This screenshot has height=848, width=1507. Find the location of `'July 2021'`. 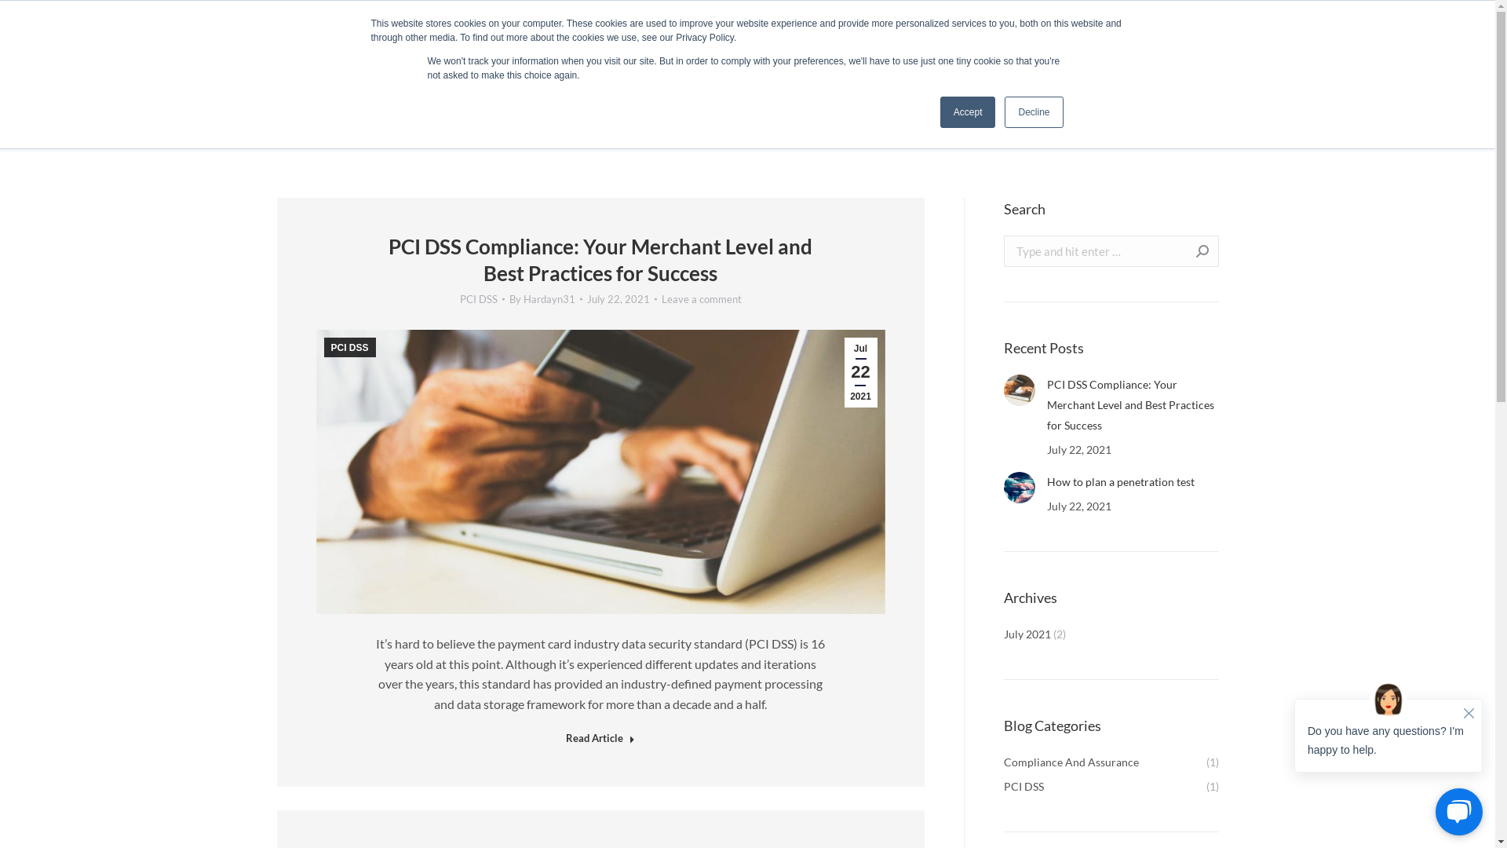

'July 2021' is located at coordinates (1027, 633).